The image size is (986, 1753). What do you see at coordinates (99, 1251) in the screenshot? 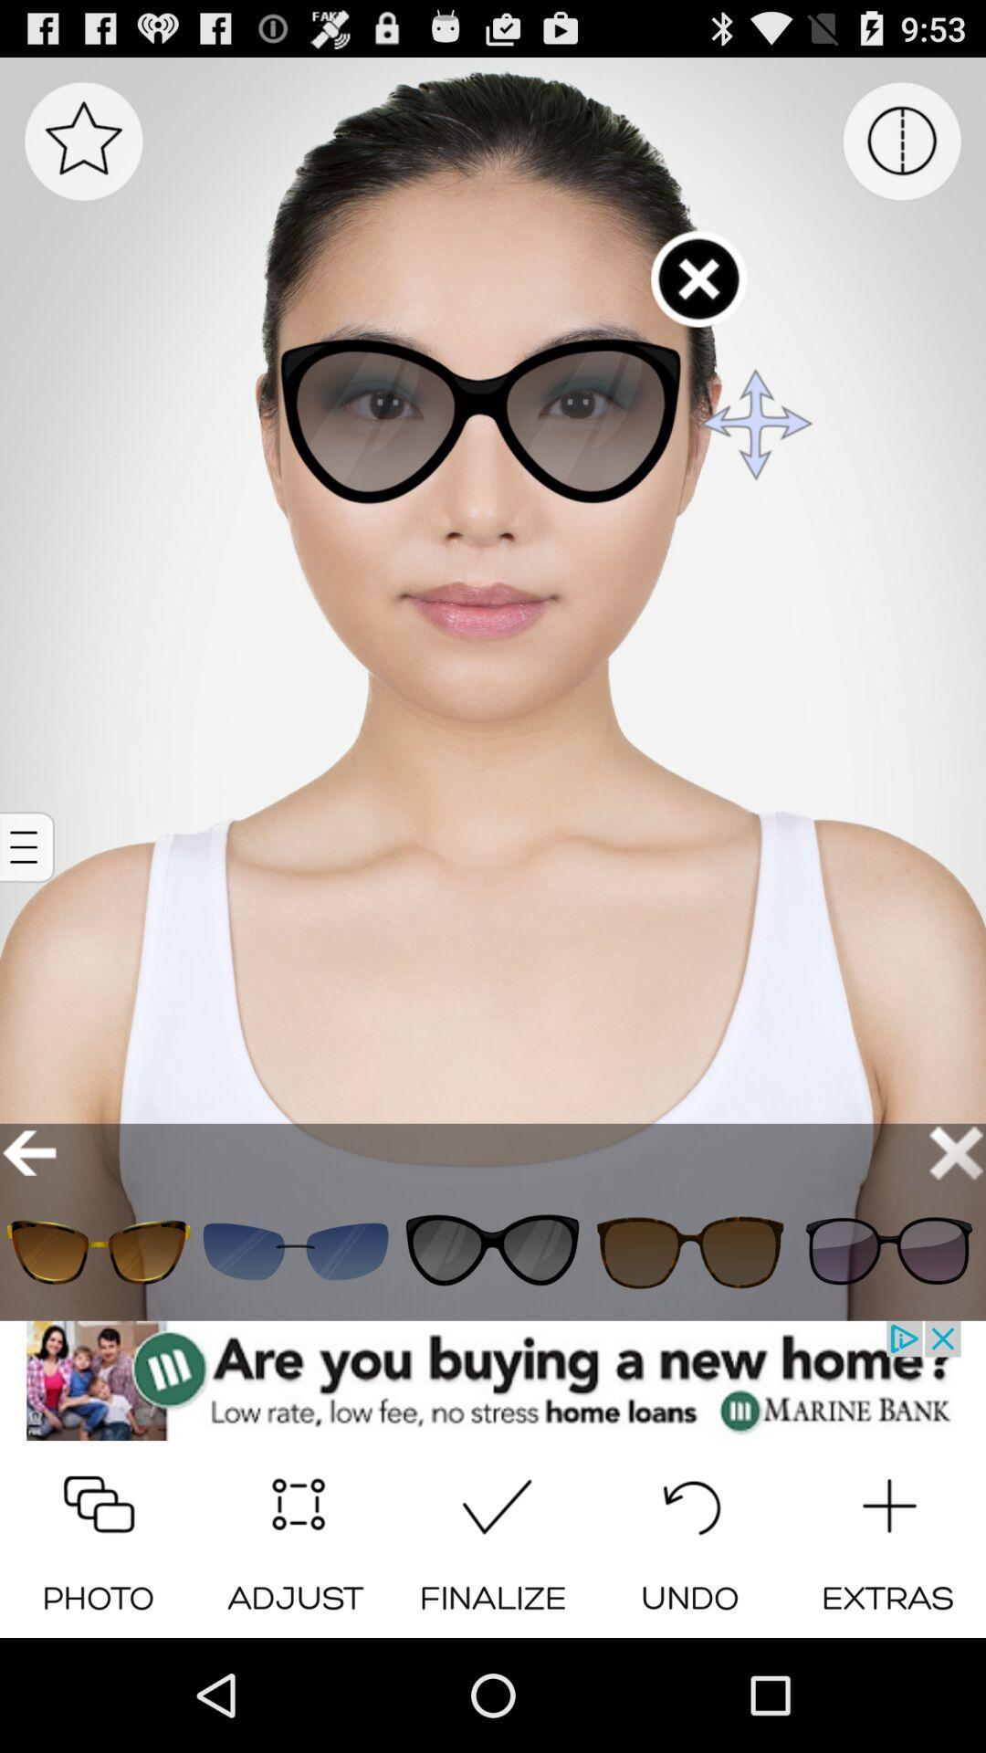
I see `glass` at bounding box center [99, 1251].